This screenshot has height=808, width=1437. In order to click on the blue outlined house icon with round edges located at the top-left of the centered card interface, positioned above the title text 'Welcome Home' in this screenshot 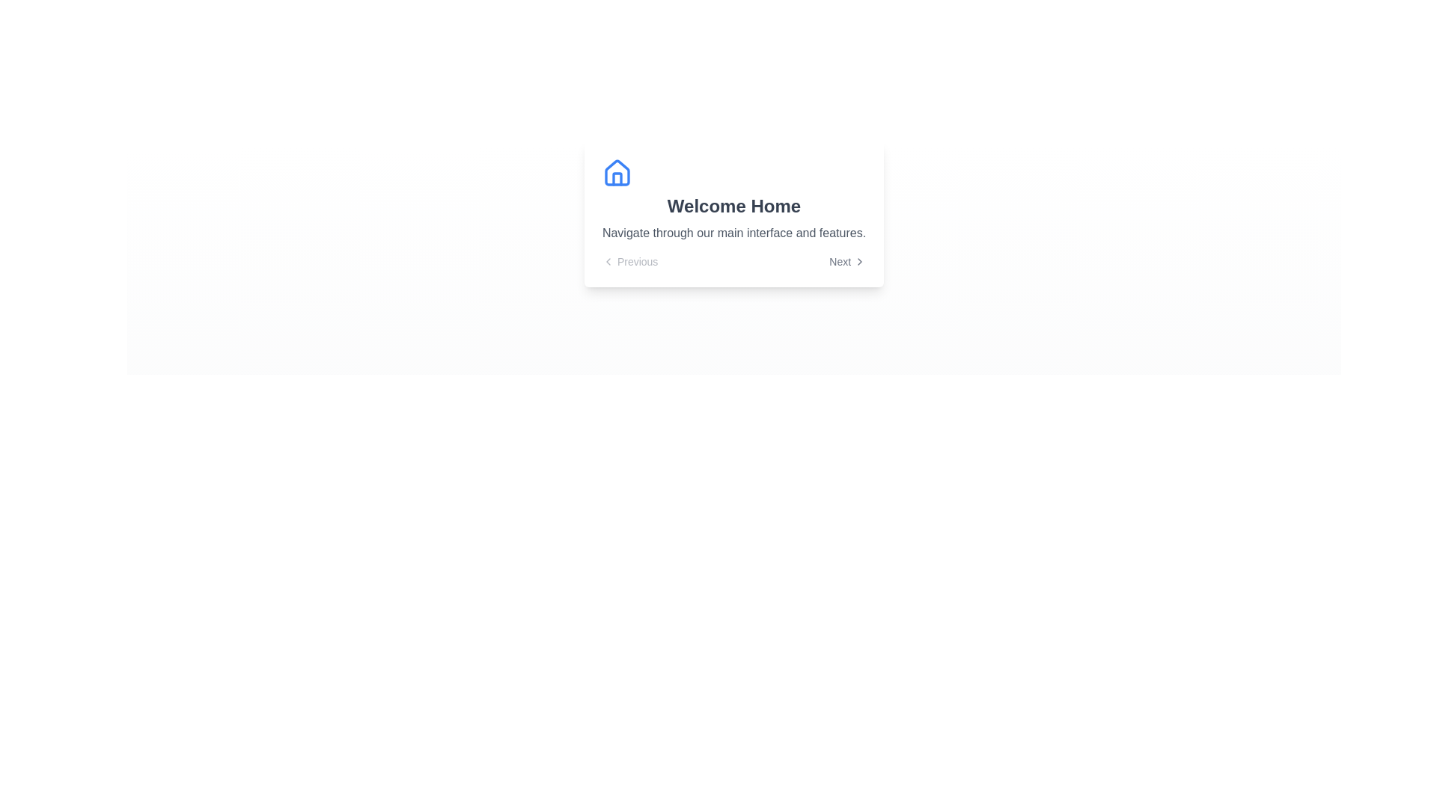, I will do `click(617, 172)`.